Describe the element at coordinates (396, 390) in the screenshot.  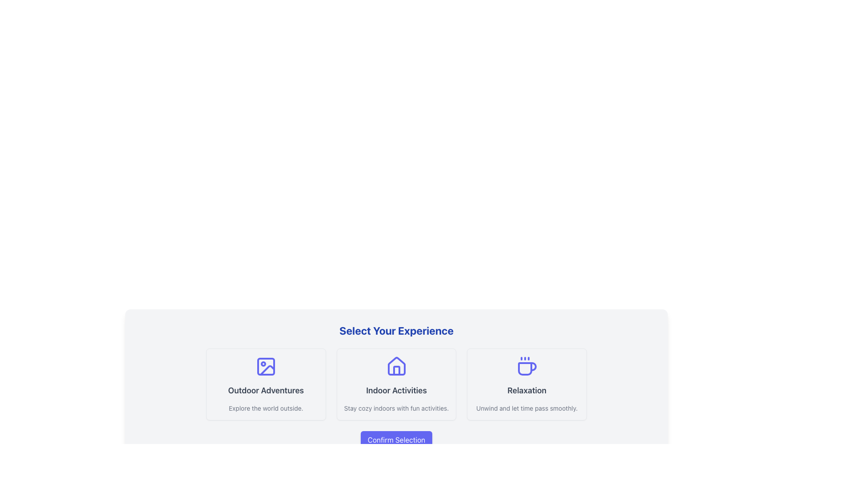
I see `text displayed in the 'Indoor Activities' text label, which is styled in a large, bold font and located in the middle card of a three-card layout` at that location.